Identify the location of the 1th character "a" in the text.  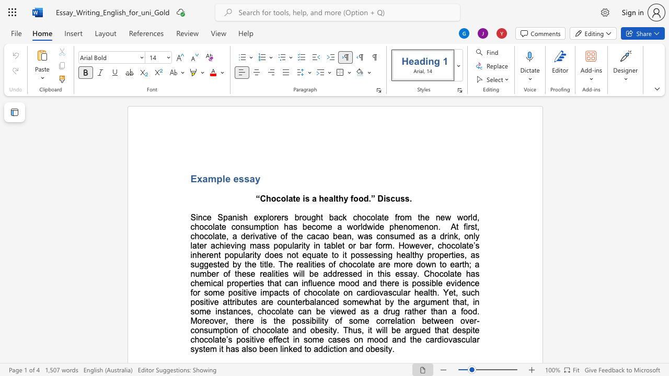
(205, 178).